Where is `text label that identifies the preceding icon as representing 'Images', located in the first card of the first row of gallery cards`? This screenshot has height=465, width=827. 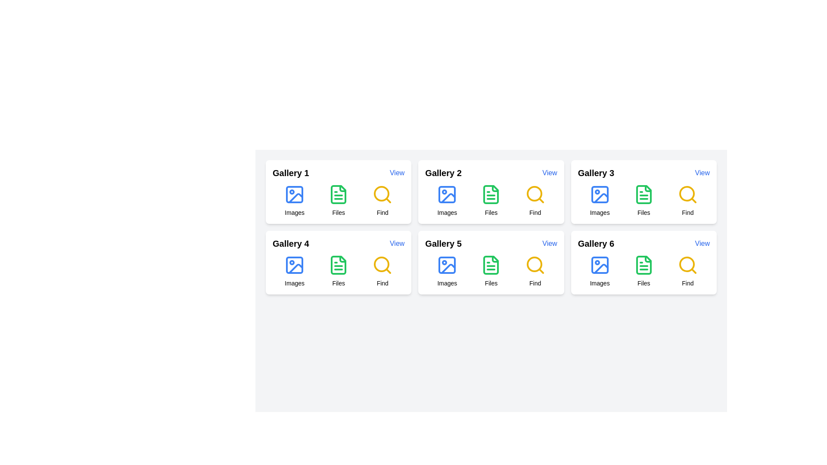
text label that identifies the preceding icon as representing 'Images', located in the first card of the first row of gallery cards is located at coordinates (295, 212).